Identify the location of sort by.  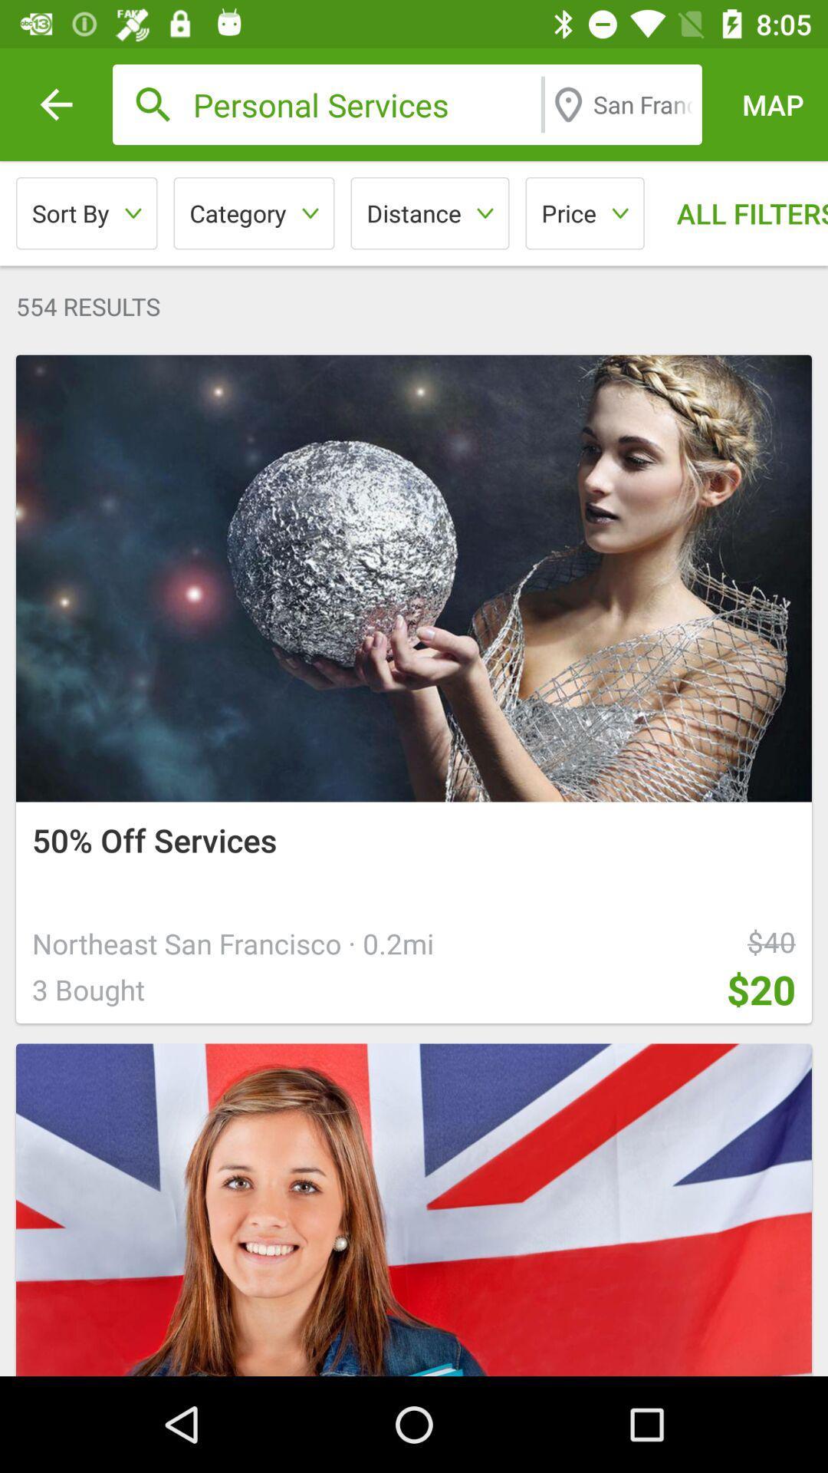
(87, 213).